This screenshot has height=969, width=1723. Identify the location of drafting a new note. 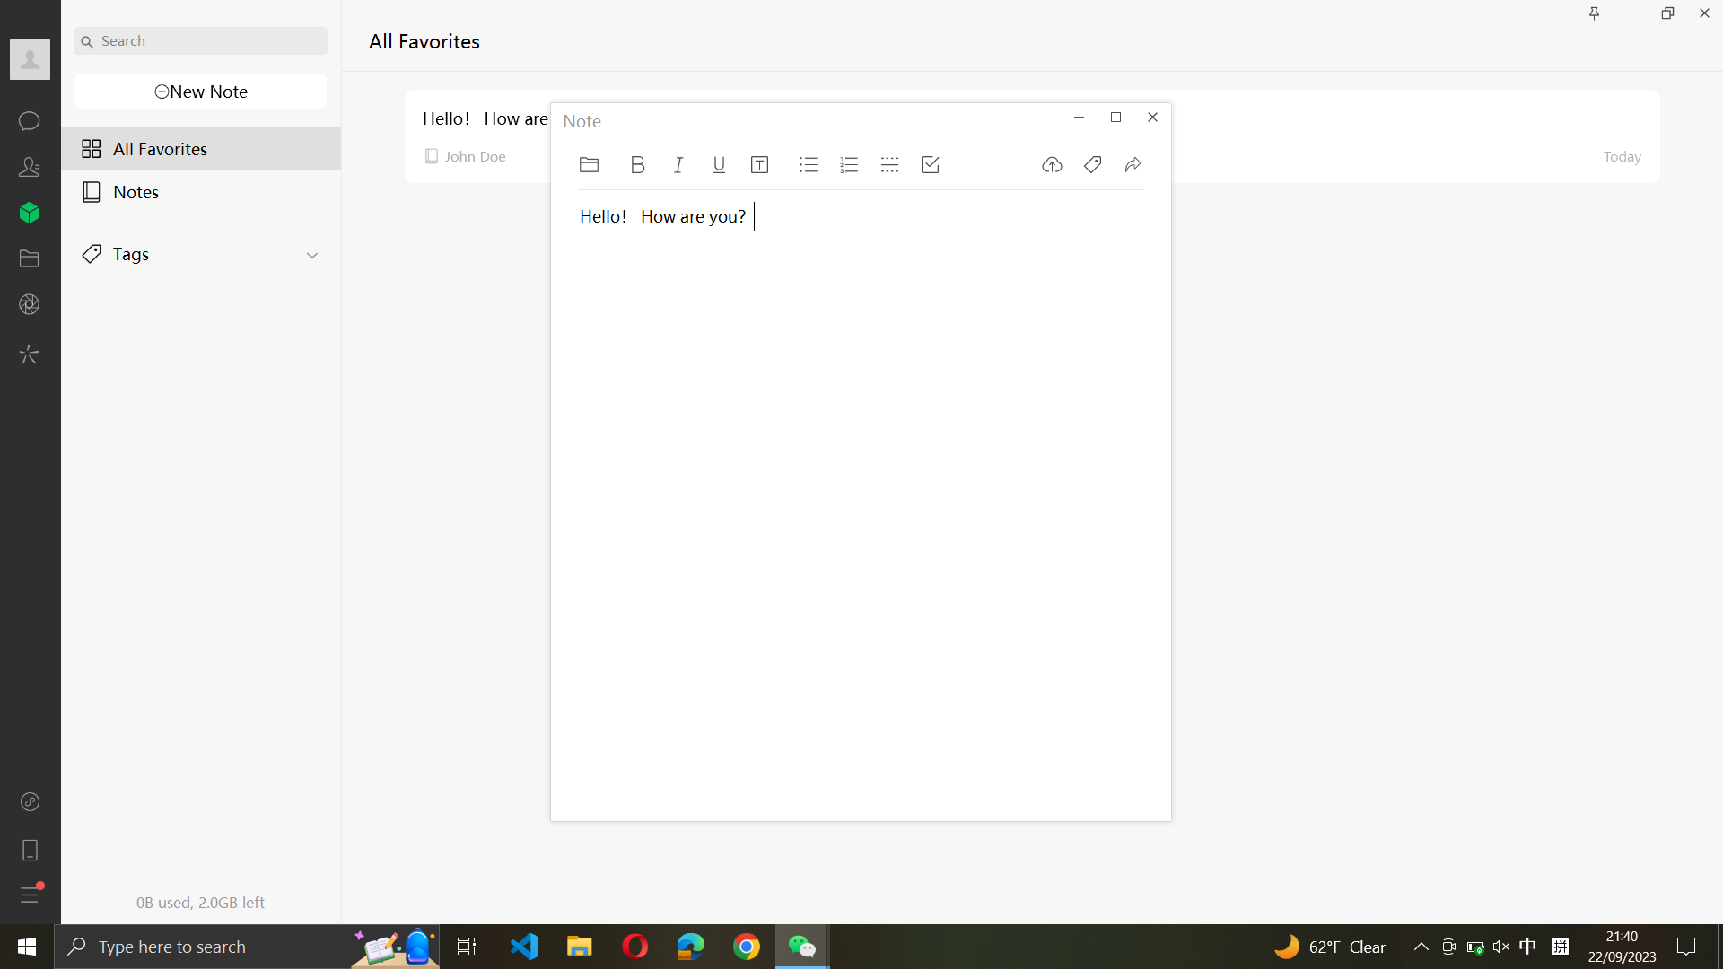
(198, 92).